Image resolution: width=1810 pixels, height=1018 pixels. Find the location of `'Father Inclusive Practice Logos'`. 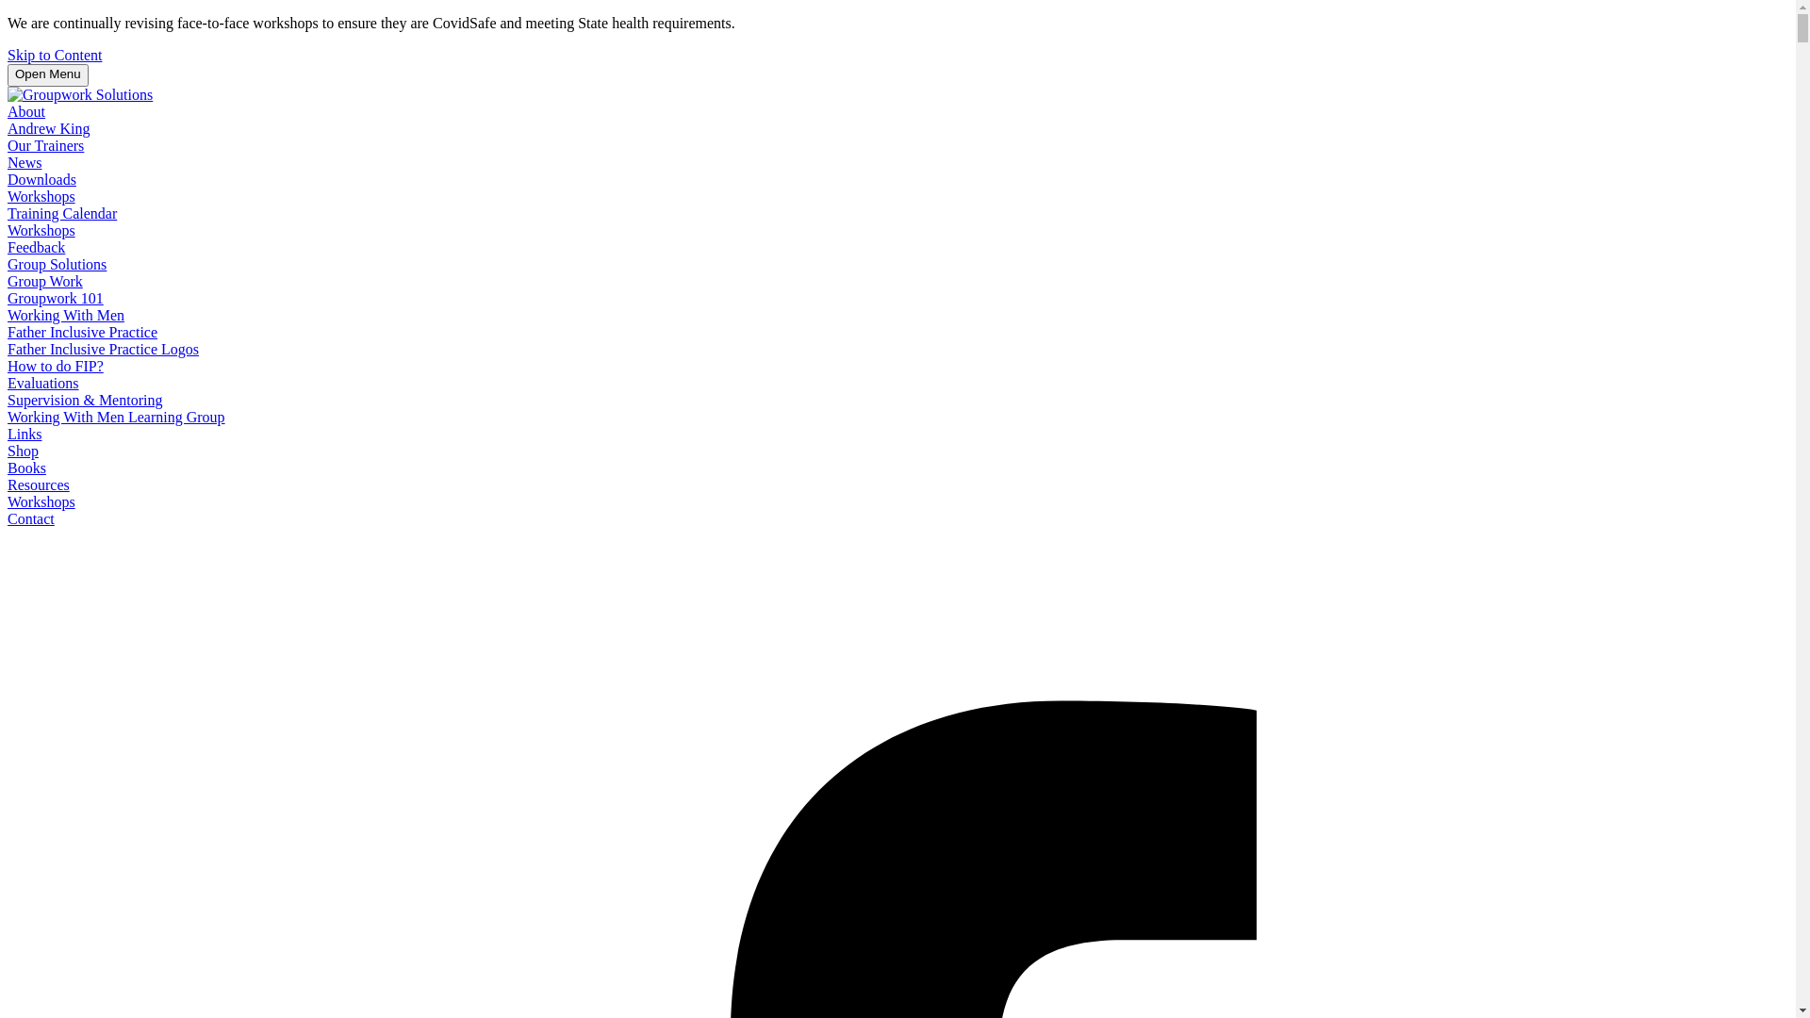

'Father Inclusive Practice Logos' is located at coordinates (102, 349).